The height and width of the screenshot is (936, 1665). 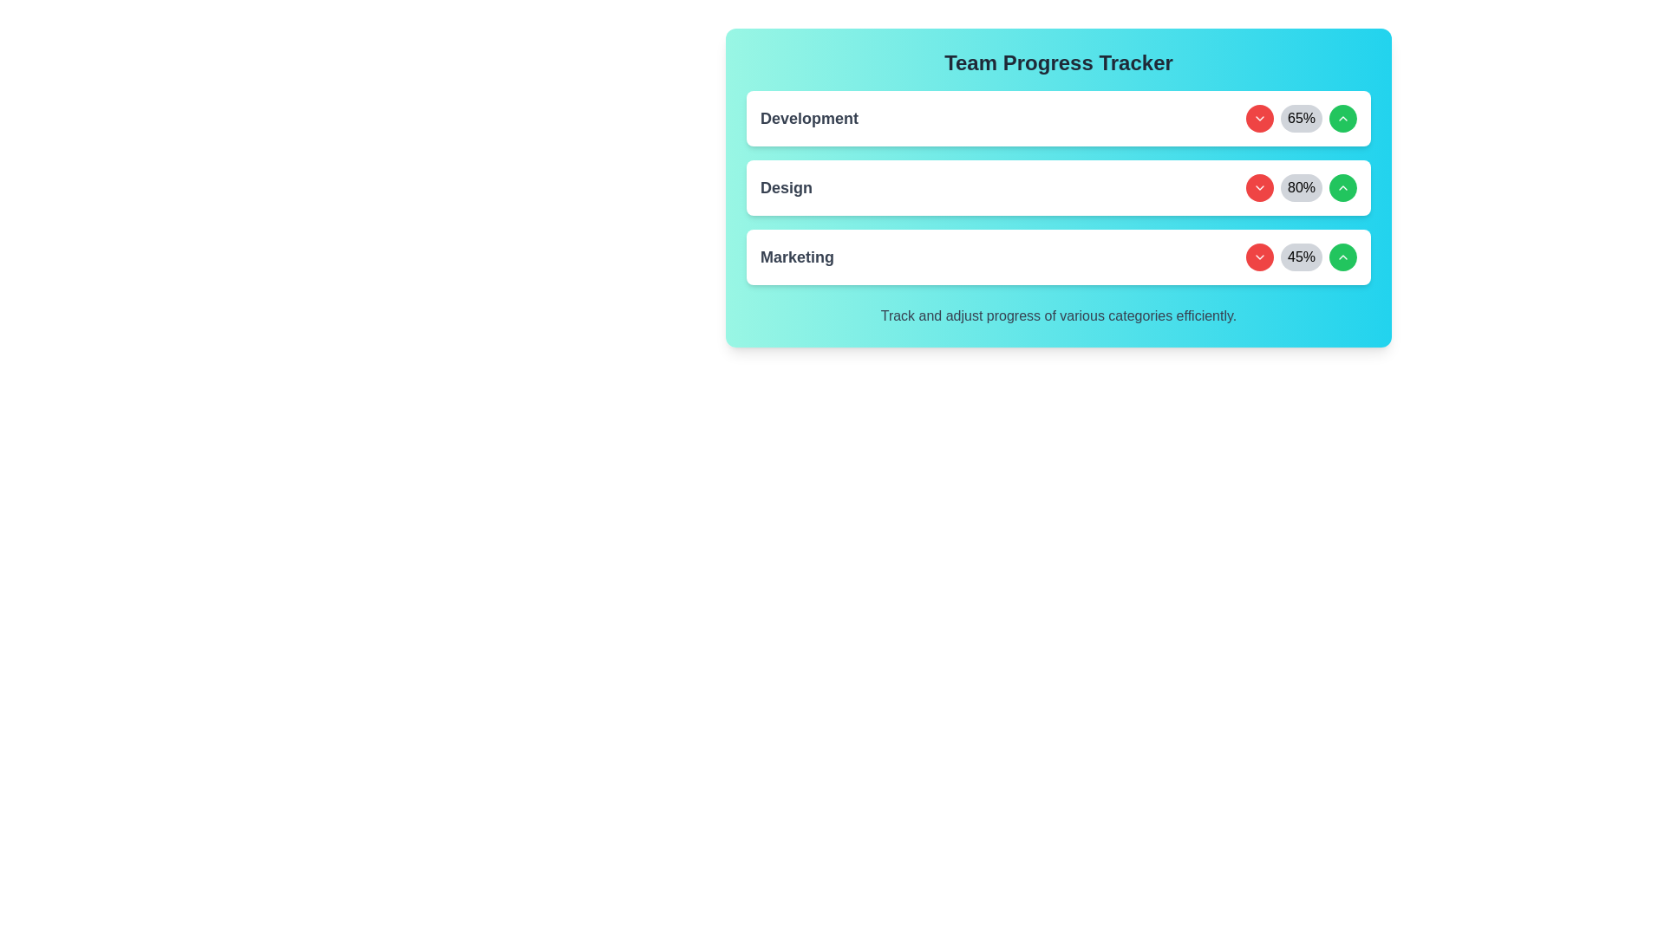 I want to click on the downward chevron-shaped icon with a red background located in the first row of the progress tracker for 'Development', so click(x=1260, y=118).